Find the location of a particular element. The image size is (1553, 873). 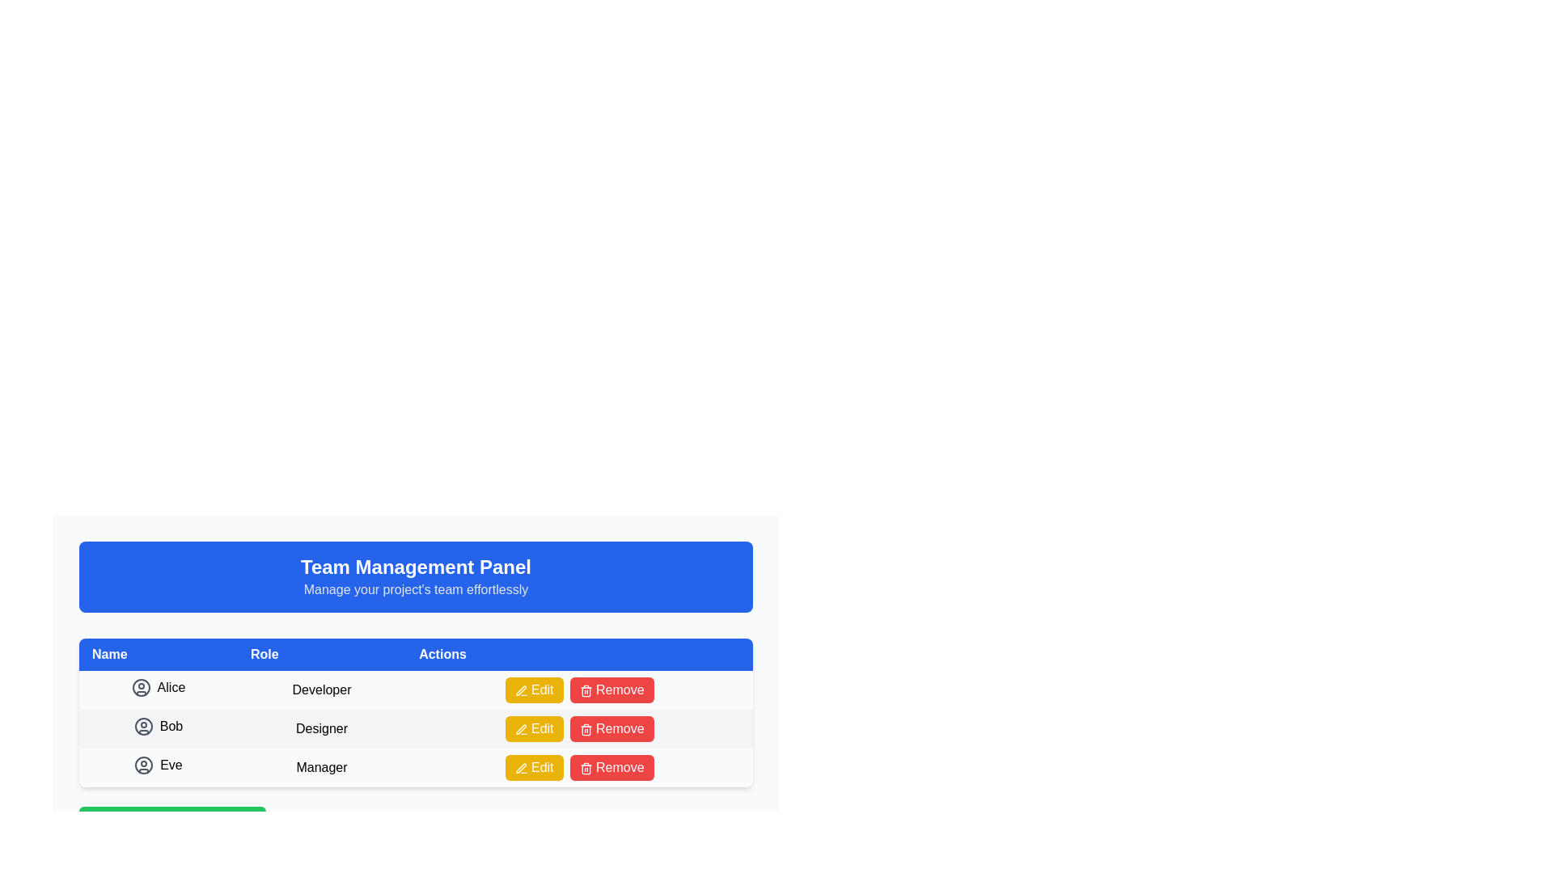

the first row item in the Team Management Panel that displays the name 'Alice' and contains interactive buttons is located at coordinates (416, 690).